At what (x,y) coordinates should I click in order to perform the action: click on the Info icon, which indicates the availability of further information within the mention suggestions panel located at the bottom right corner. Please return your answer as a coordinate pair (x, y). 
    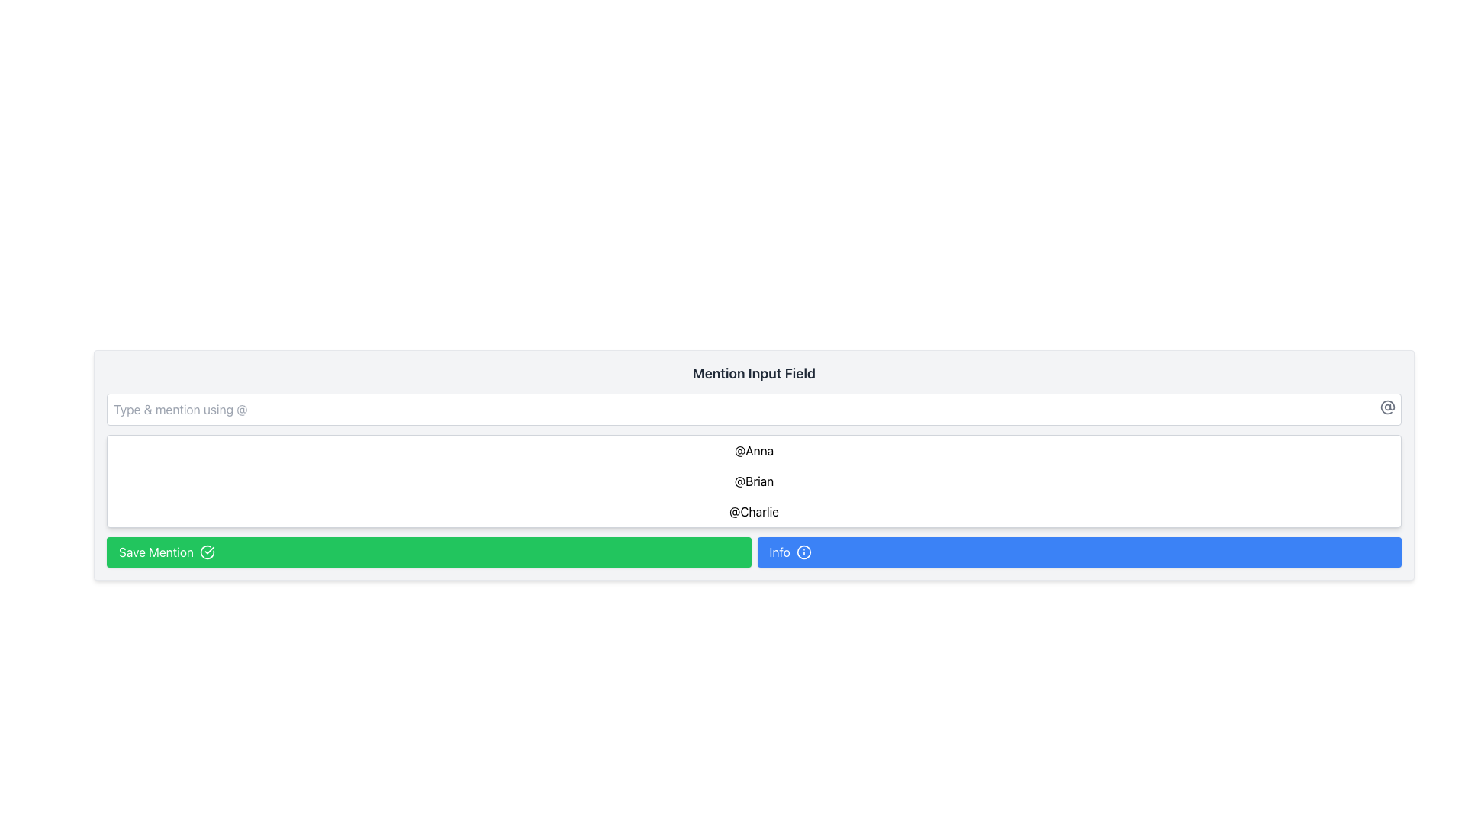
    Looking at the image, I should click on (803, 552).